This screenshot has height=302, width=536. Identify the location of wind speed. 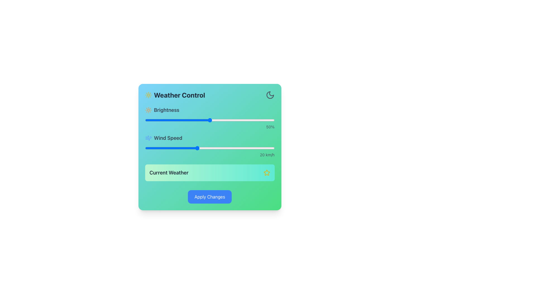
(160, 148).